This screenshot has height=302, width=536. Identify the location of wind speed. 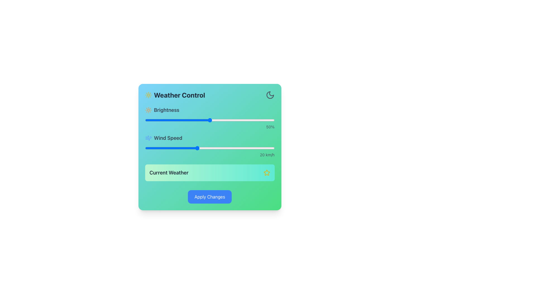
(160, 148).